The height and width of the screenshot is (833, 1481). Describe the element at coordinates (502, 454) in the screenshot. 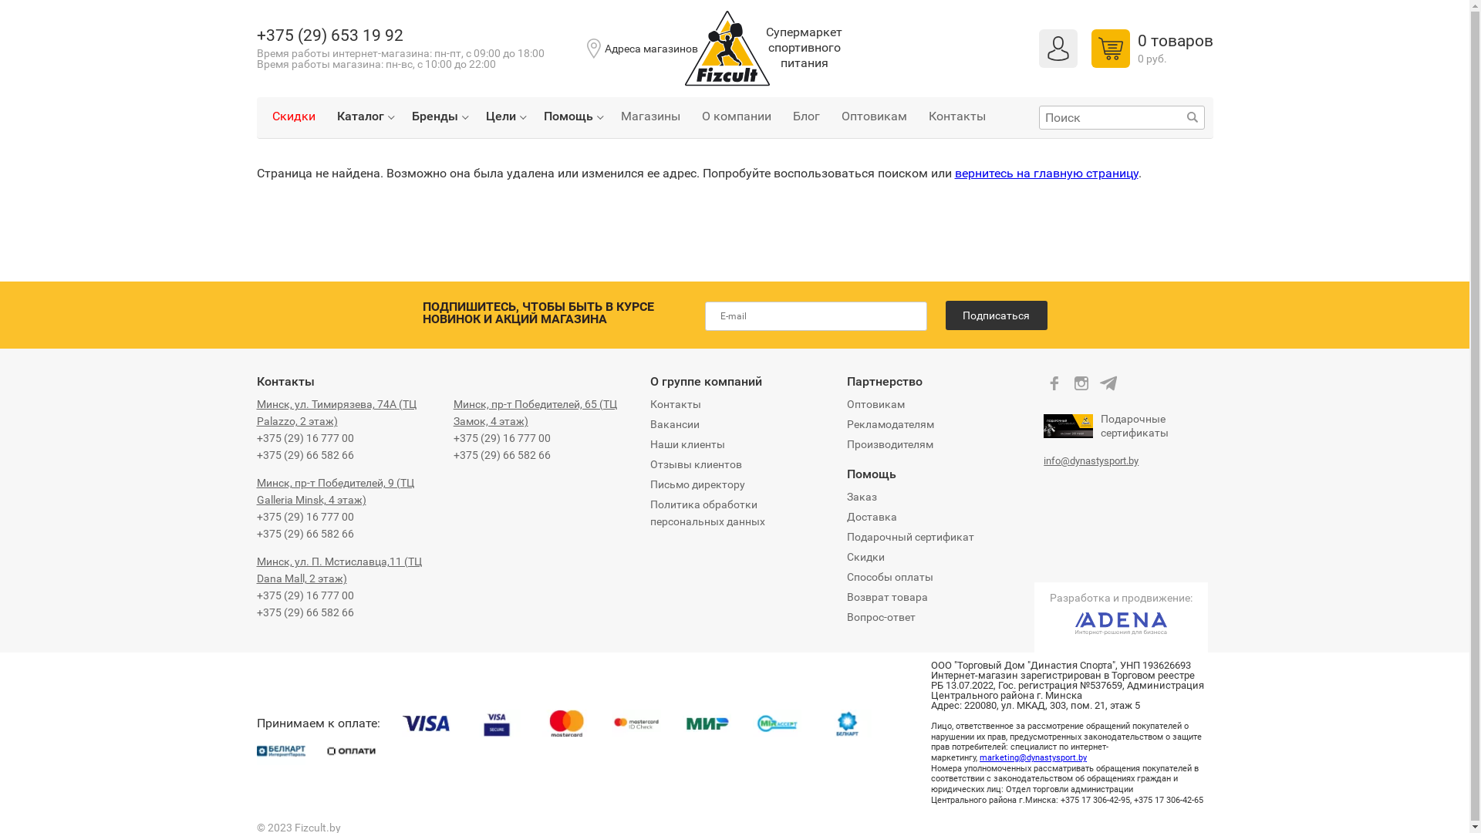

I see `'+375 (29) 66 582 66'` at that location.